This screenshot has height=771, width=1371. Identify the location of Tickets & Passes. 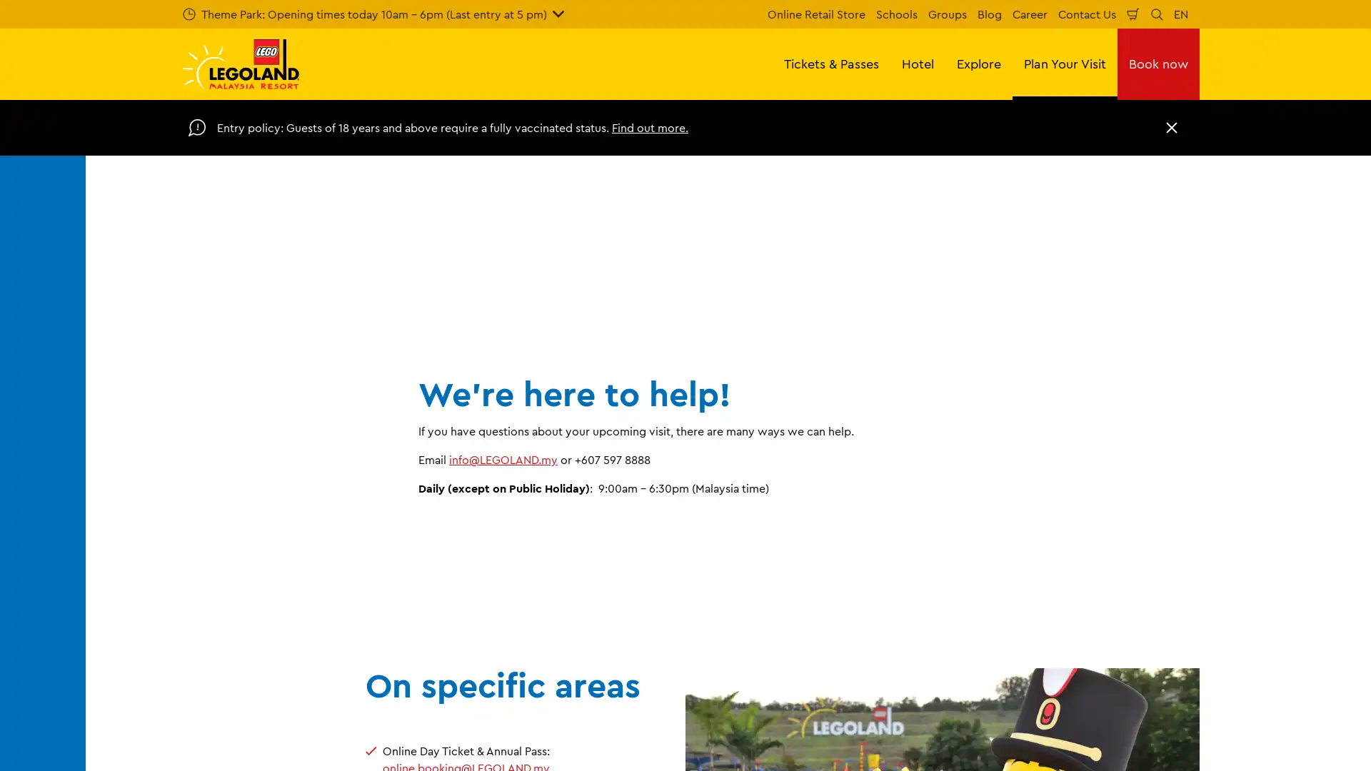
(831, 63).